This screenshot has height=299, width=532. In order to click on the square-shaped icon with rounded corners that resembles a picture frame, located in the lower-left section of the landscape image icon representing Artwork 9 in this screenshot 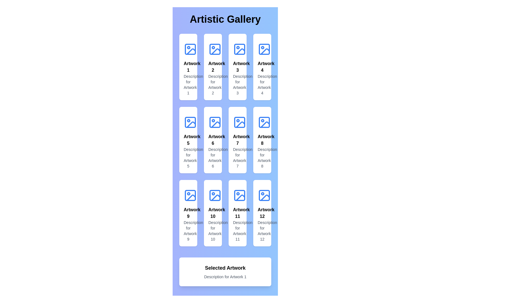, I will do `click(190, 195)`.